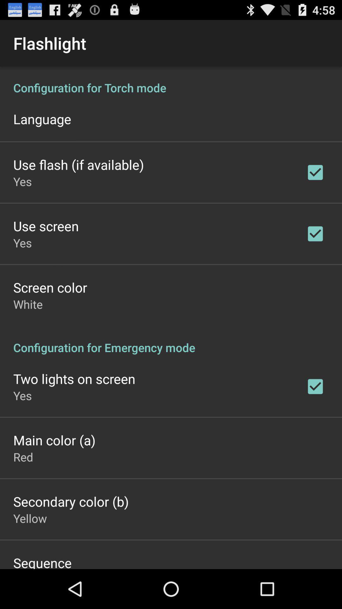 The height and width of the screenshot is (609, 342). I want to click on the sequence item, so click(42, 561).